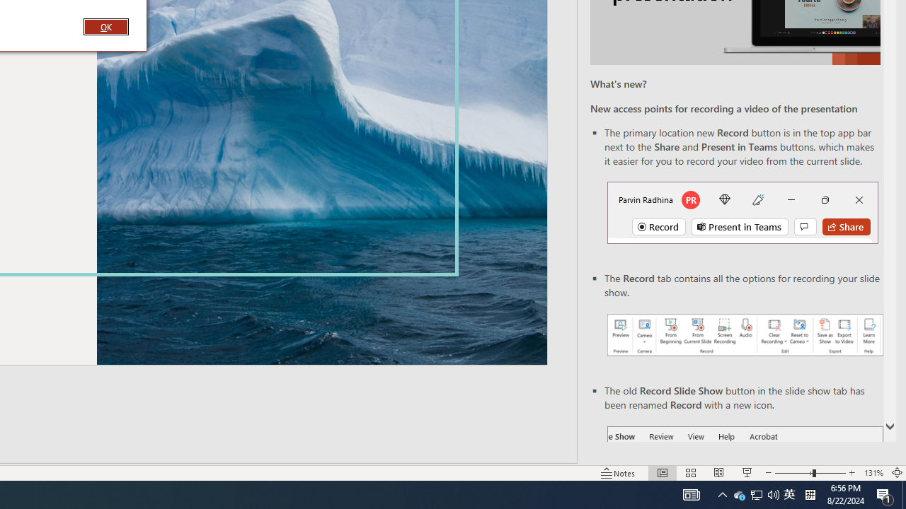 The image size is (906, 509). Describe the element at coordinates (810, 473) in the screenshot. I see `'Zoom'` at that location.